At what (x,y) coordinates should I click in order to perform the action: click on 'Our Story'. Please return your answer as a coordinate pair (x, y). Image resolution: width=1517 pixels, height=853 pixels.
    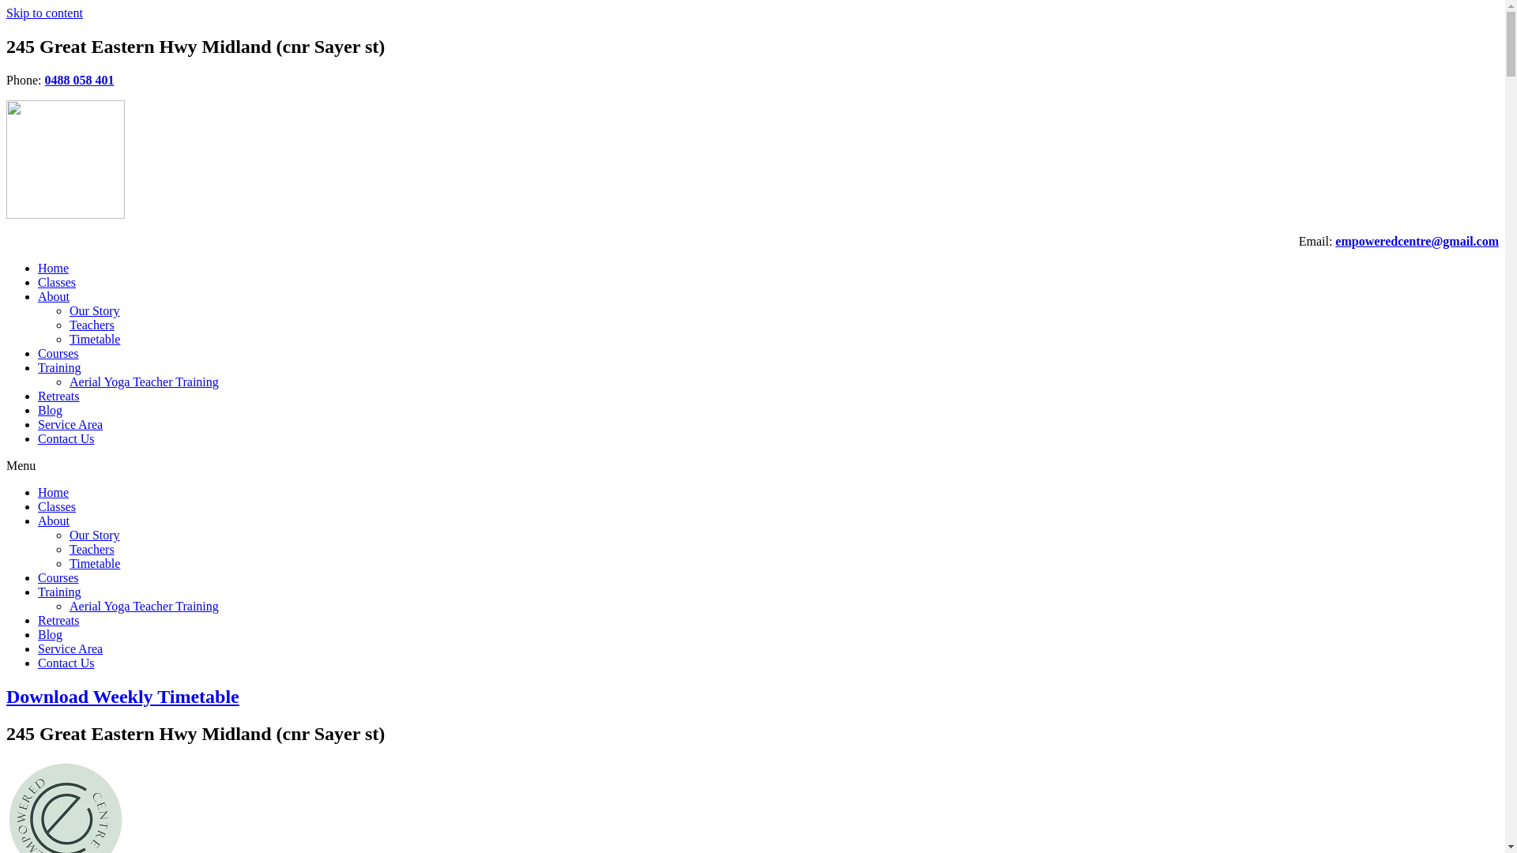
    Looking at the image, I should click on (94, 534).